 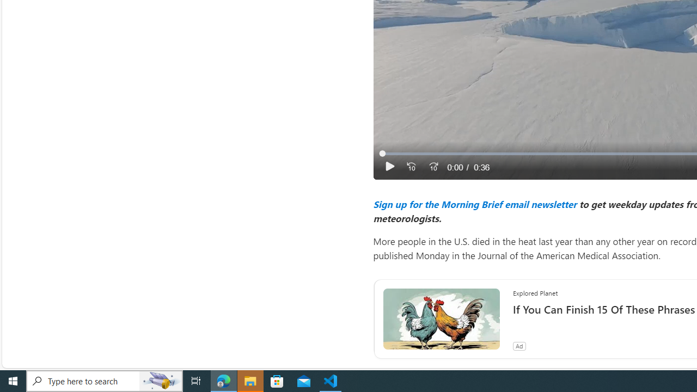 I want to click on 'Seek Back', so click(x=411, y=167).